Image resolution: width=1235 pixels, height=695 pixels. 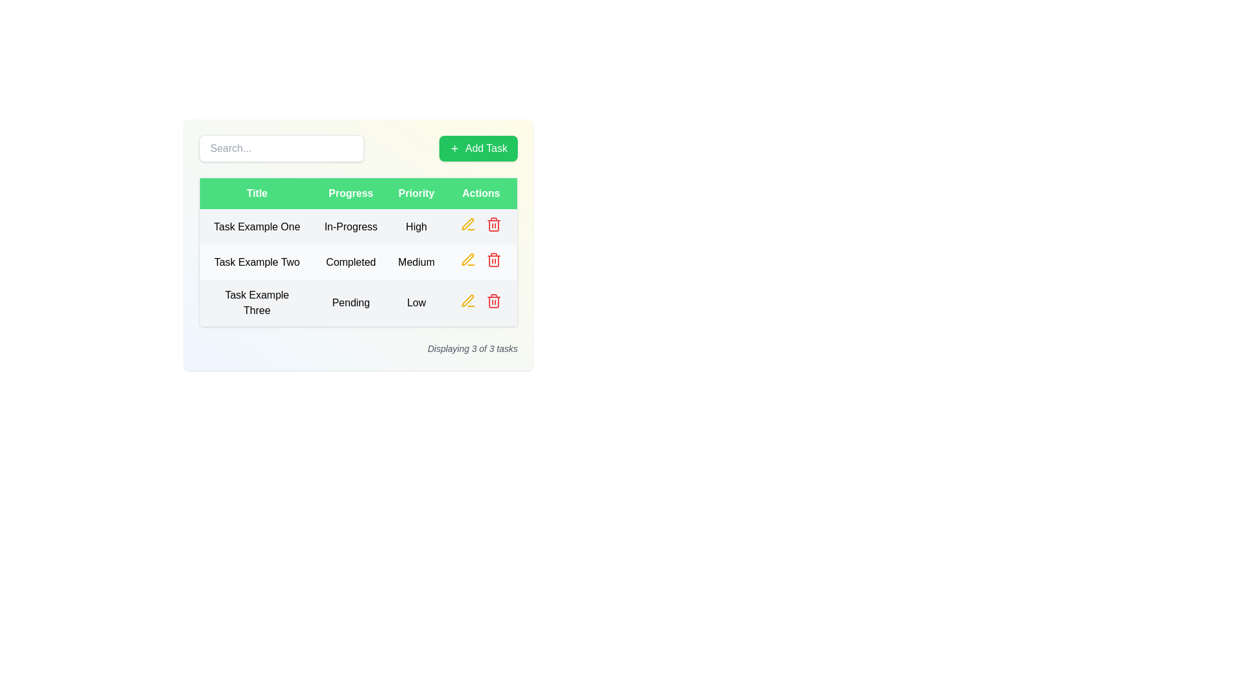 I want to click on the text label that reads 'Task Example Two', which is center-aligned and located in the first column of the second row of a table layout, so click(x=257, y=261).